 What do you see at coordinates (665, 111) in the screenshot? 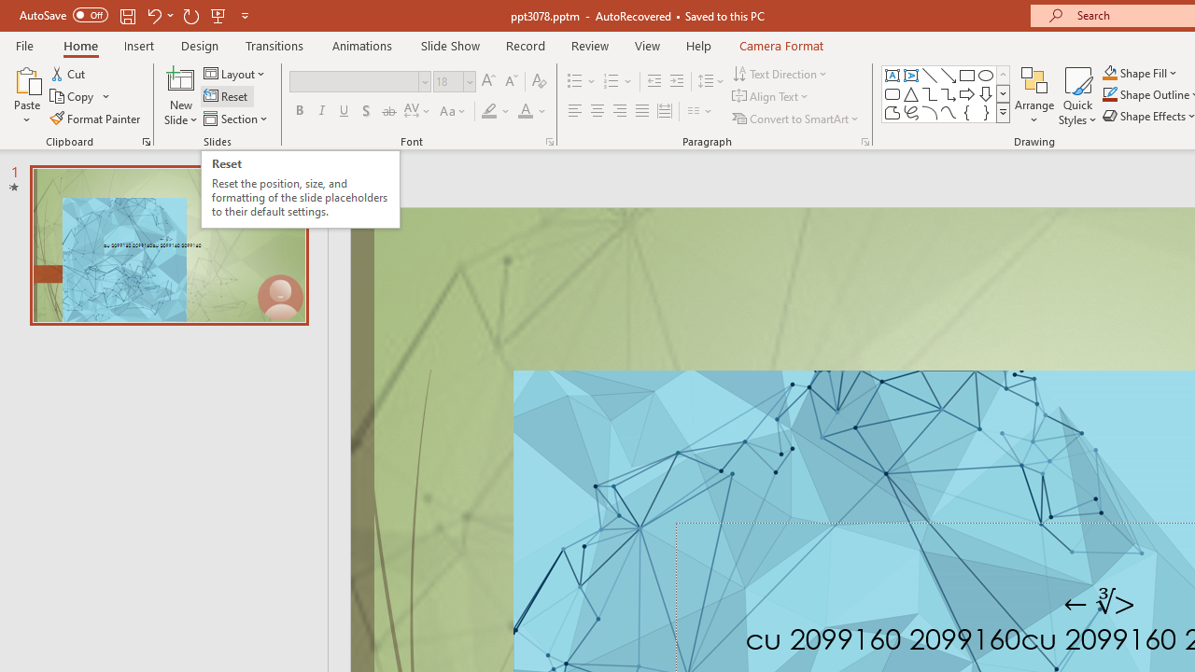
I see `'Distributed'` at bounding box center [665, 111].